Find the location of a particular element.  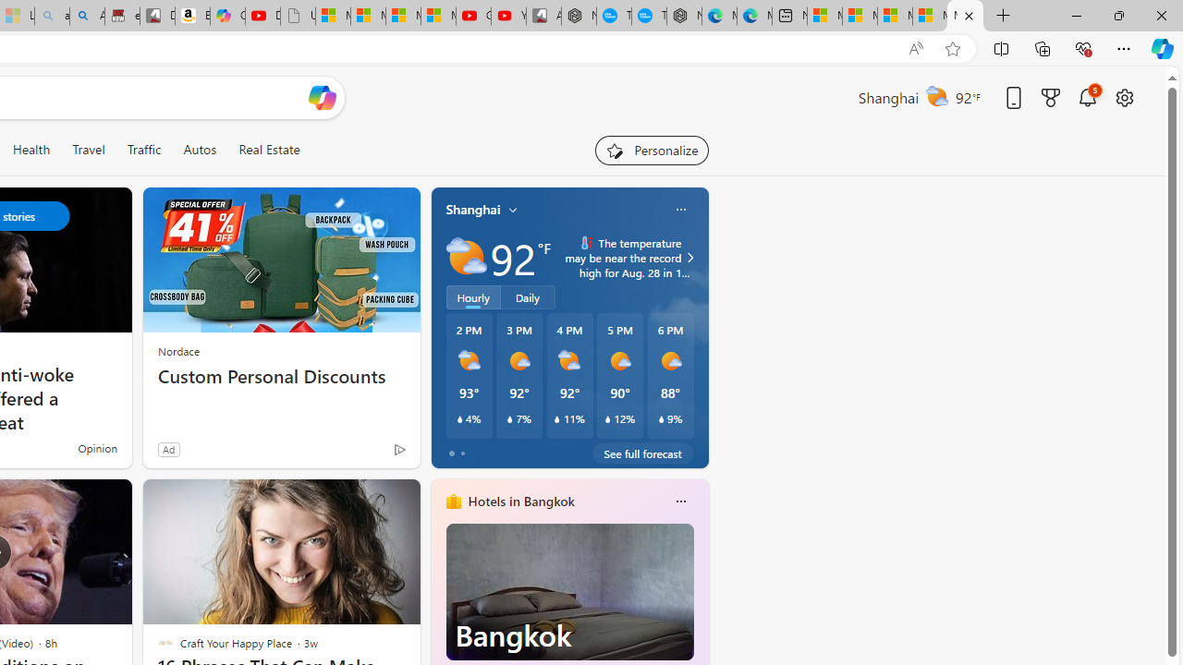

'Shanghai' is located at coordinates (473, 209).